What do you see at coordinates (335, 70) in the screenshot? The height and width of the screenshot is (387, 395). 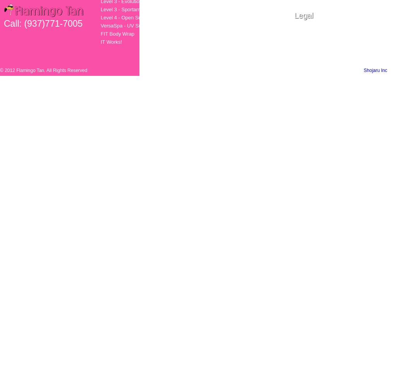 I see `'Designed & Developed By'` at bounding box center [335, 70].